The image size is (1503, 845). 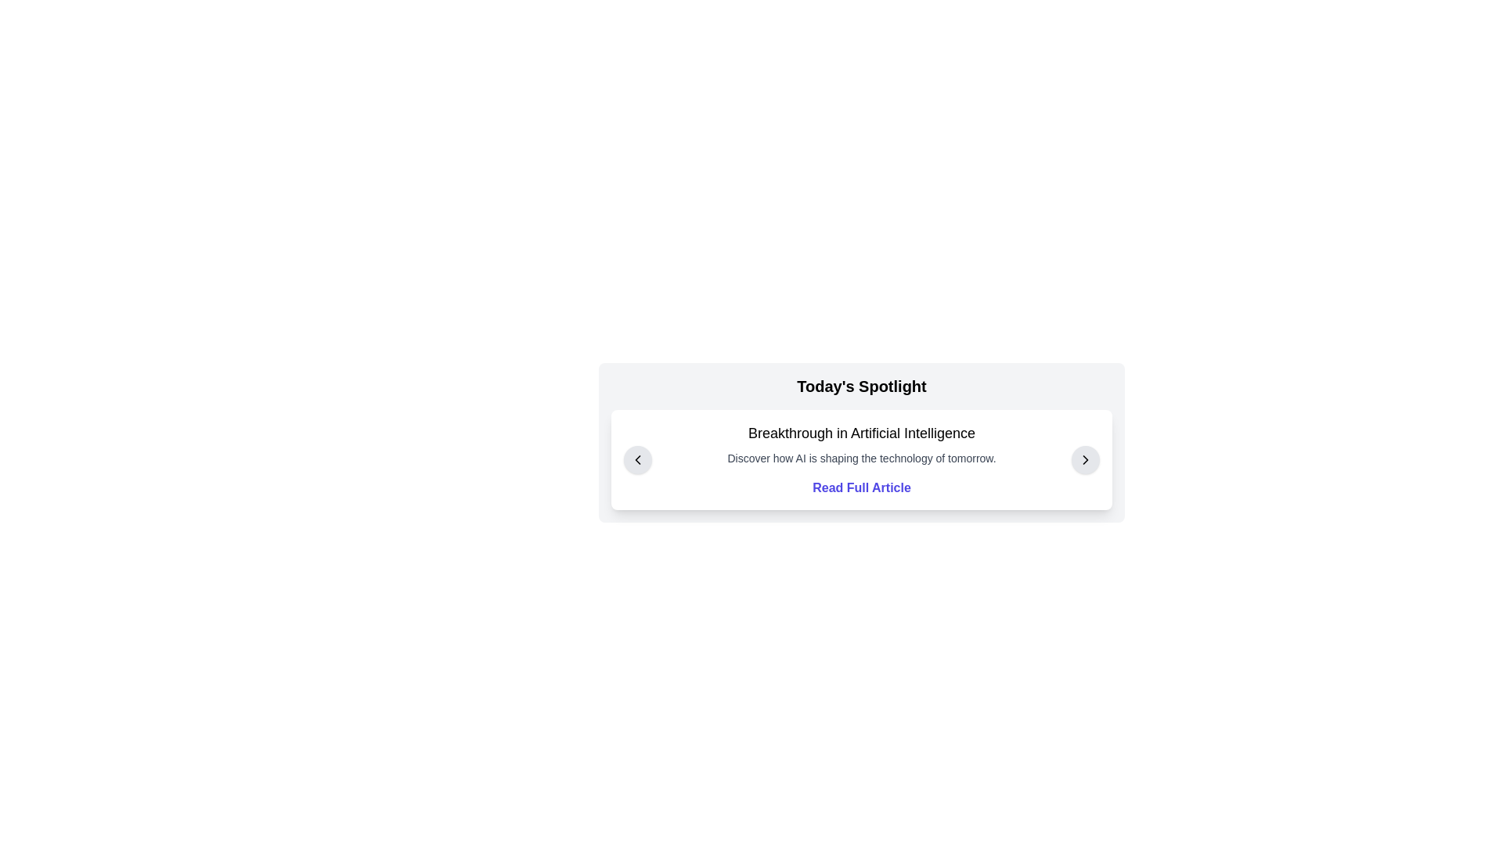 What do you see at coordinates (860, 487) in the screenshot?
I see `the hyperlink at the bottom of the 'Today's Spotlight' card` at bounding box center [860, 487].